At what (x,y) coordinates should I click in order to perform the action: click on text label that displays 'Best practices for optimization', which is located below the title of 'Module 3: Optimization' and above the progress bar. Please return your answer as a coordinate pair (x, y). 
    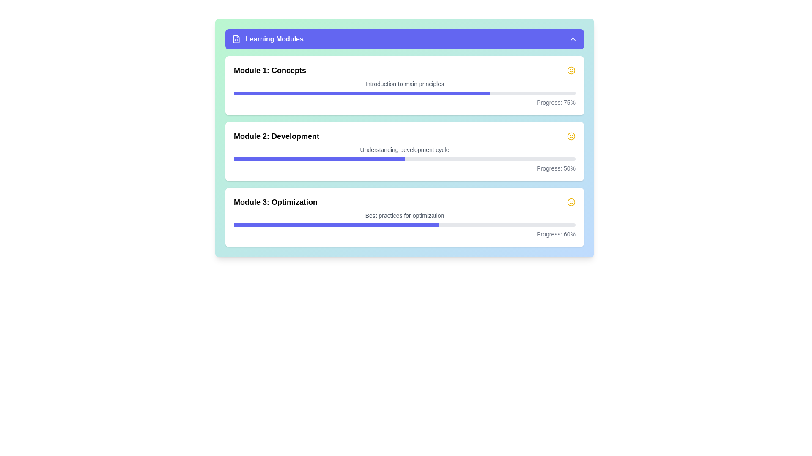
    Looking at the image, I should click on (404, 215).